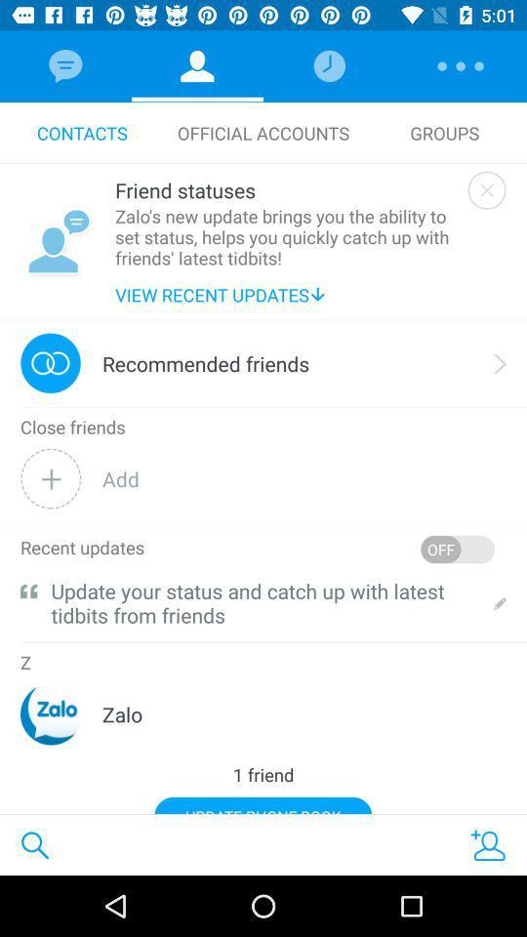 The width and height of the screenshot is (527, 937). Describe the element at coordinates (58, 240) in the screenshot. I see `the icon to the left of the friend statuses` at that location.